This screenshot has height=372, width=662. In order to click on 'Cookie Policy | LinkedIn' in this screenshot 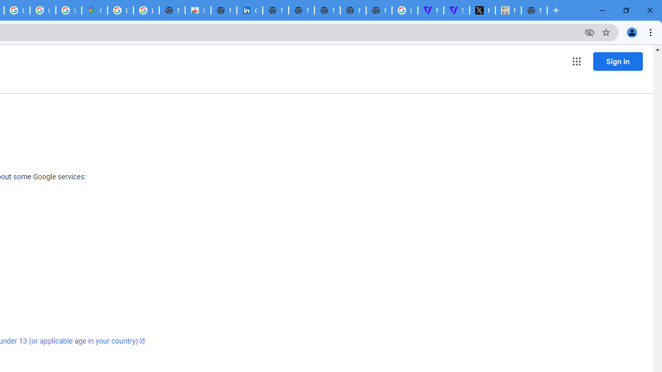, I will do `click(250, 10)`.